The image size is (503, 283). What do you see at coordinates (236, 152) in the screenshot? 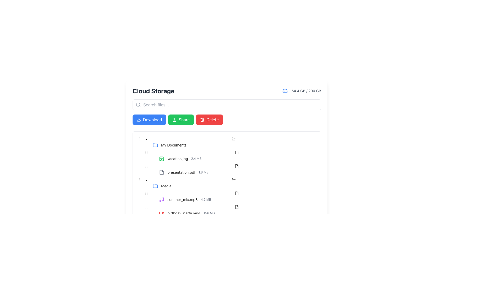
I see `the file type icon located to the right of the 'vacation.jpg' file entry` at bounding box center [236, 152].